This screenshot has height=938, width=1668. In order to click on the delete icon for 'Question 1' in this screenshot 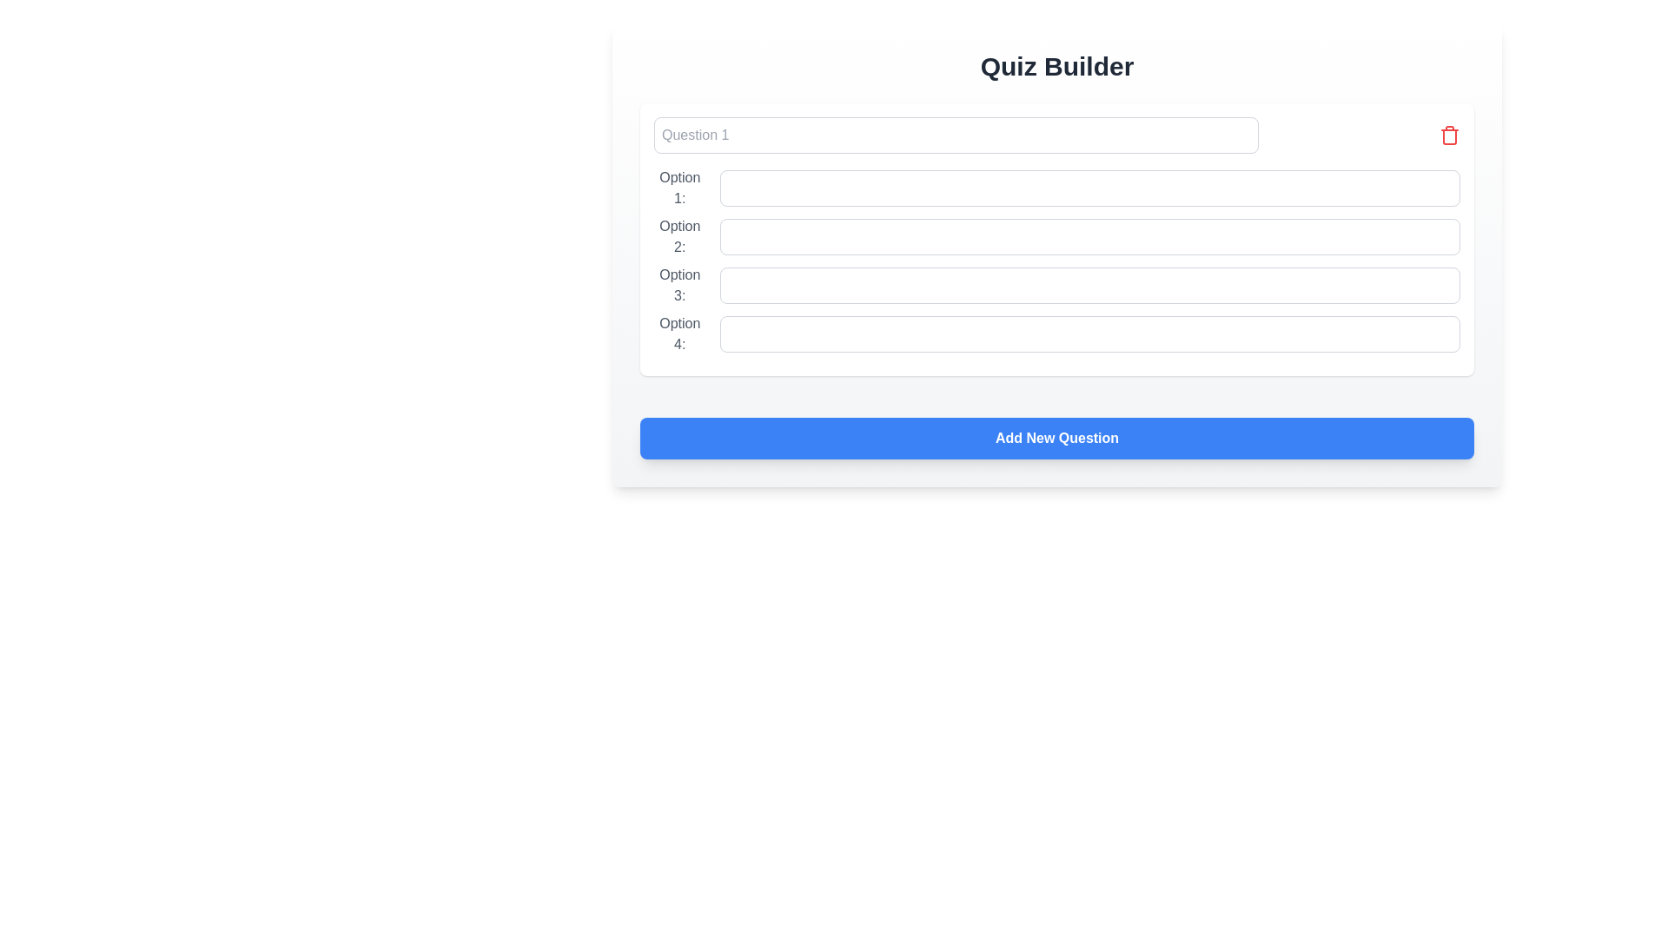, I will do `click(1450, 134)`.